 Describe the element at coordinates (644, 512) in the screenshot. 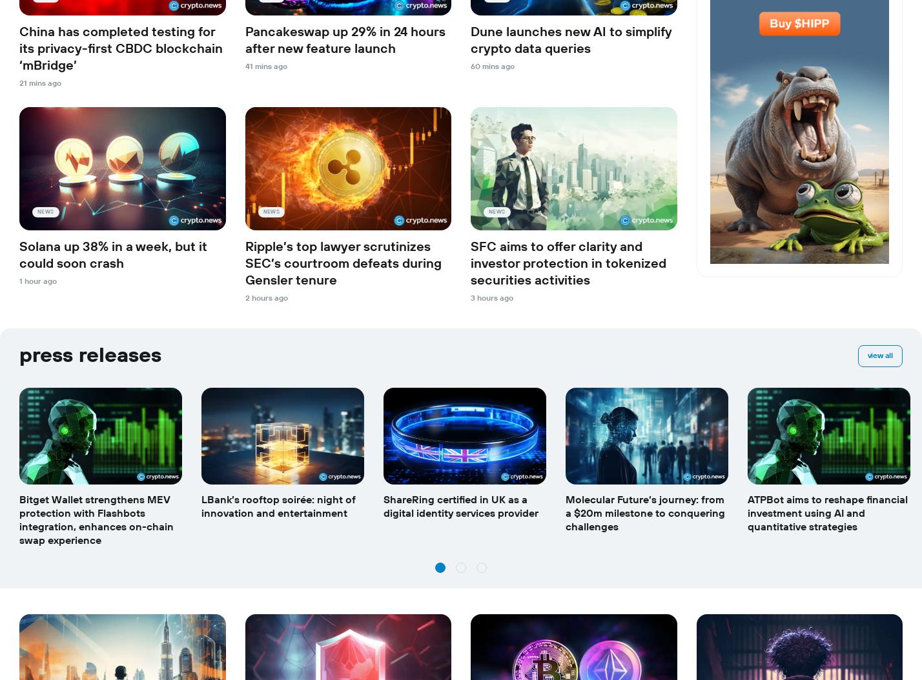

I see `'Molecular Future’s journey: from a $20m milestone to conquering challenges'` at that location.